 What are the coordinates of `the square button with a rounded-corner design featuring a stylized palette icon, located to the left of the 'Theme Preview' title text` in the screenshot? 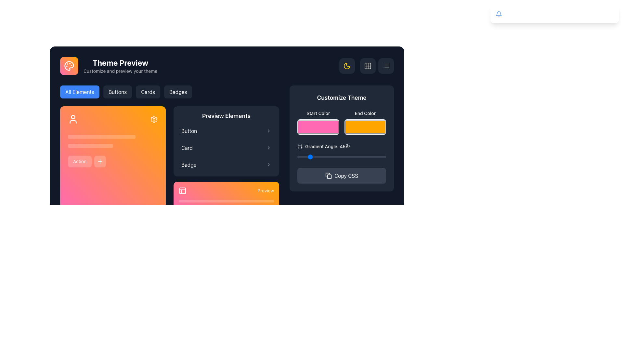 It's located at (69, 66).